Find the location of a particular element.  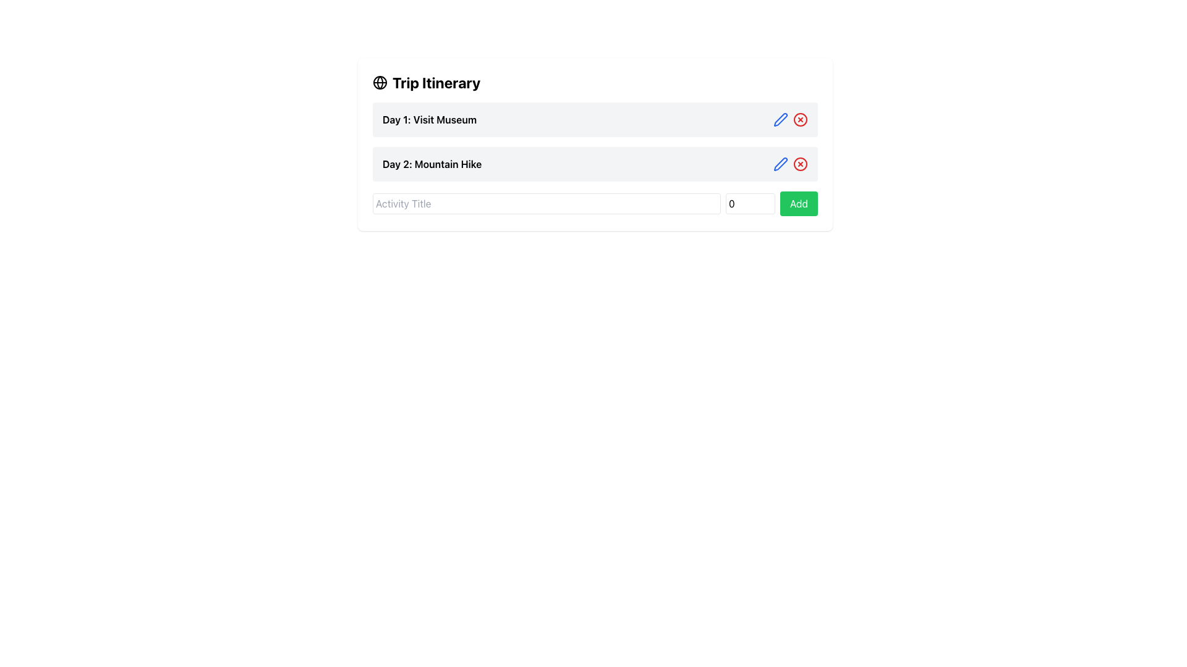

the circular outline graphic within the SVG element that is centered in the globe icon is located at coordinates (379, 83).